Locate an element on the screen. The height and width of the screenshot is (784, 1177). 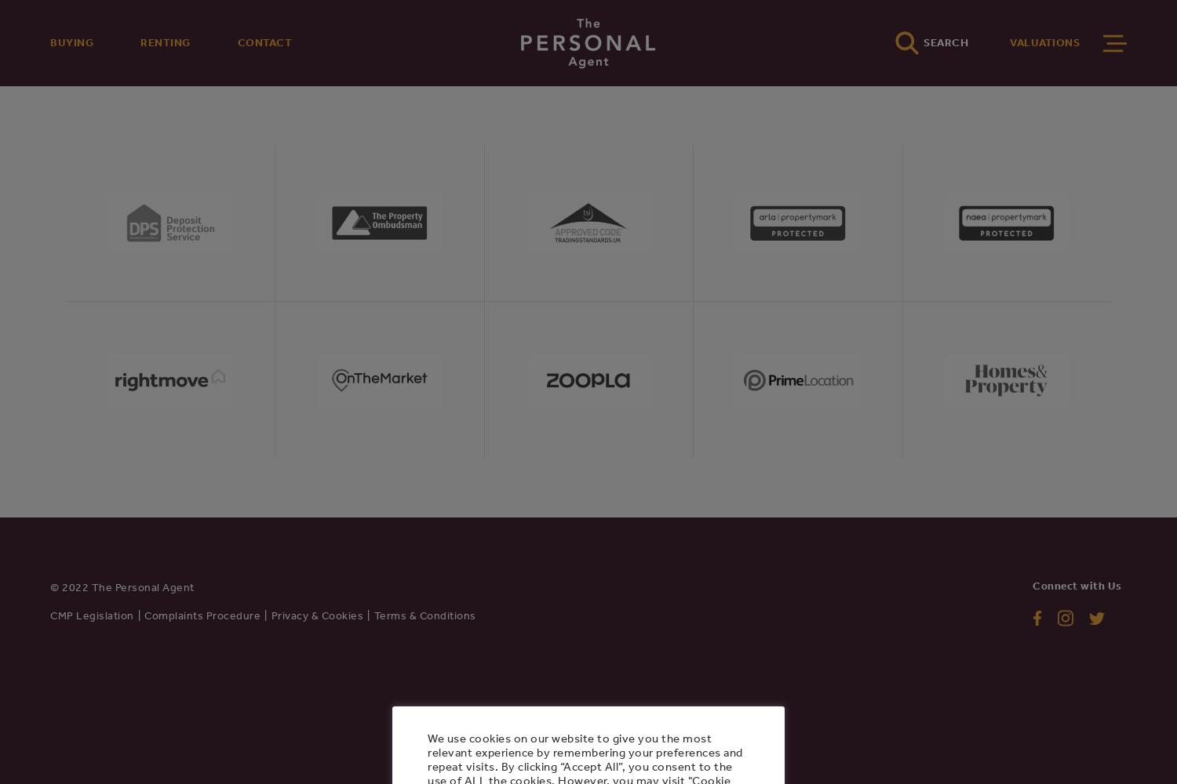
'VALUATIONS' is located at coordinates (1044, 42).